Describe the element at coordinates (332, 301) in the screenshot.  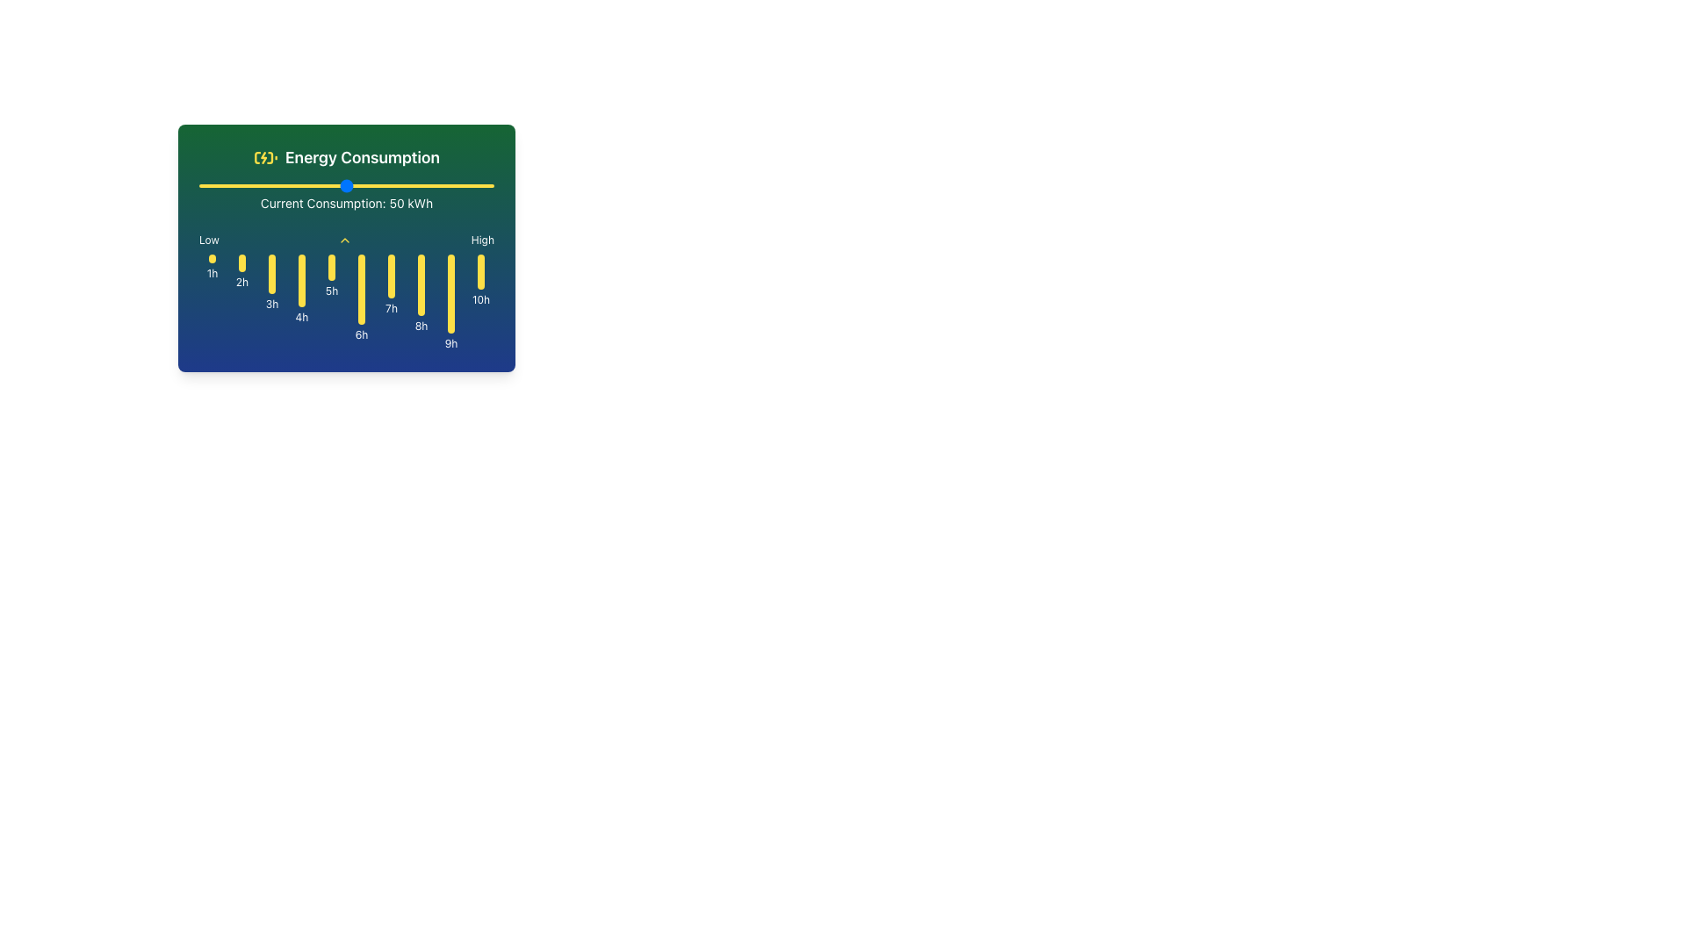
I see `the vertical yellow bar with rounded ends that is centered above the text '5h', located in the fifth column of a series of ten columns` at that location.